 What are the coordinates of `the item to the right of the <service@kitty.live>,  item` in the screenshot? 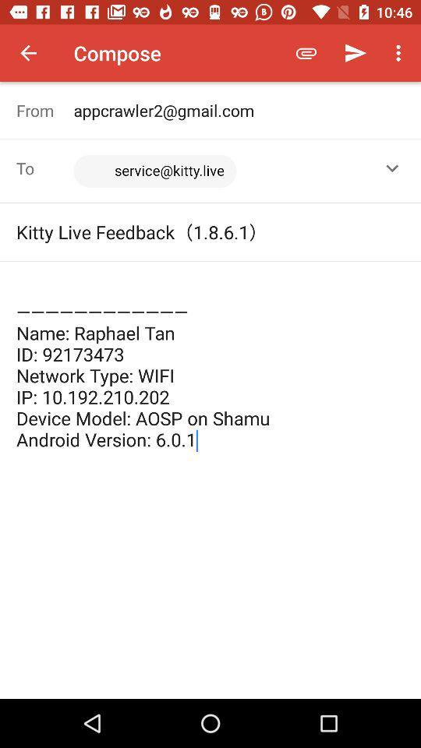 It's located at (391, 168).